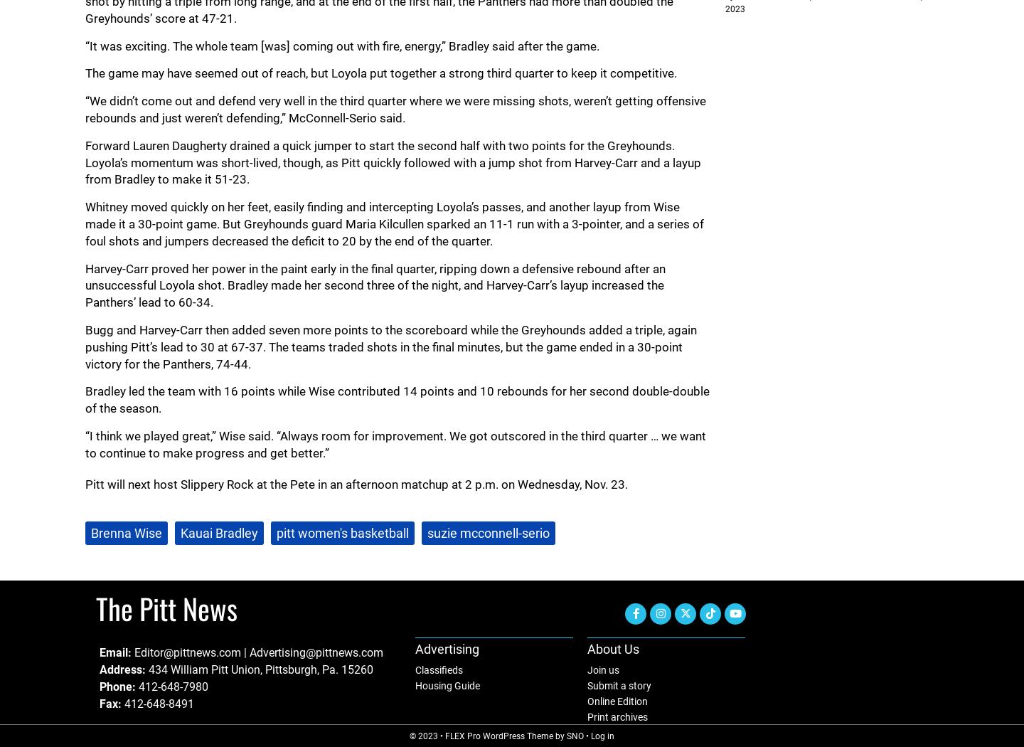 The height and width of the screenshot is (747, 1024). What do you see at coordinates (390, 346) in the screenshot?
I see `'Bugg and Harvey-Carr then added seven more points to the scoreboard while the Greyhounds added a triple, again pushing Pitt’s lead to 30 at 67-37. The teams traded shots in the final minutes, but the game ended in a 30-point victory for the Panthers, 74-44.'` at bounding box center [390, 346].